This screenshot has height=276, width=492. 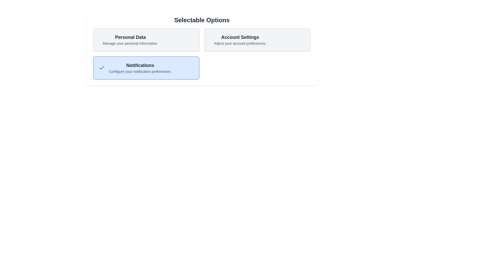 What do you see at coordinates (140, 68) in the screenshot?
I see `the 'Notifications' text block that features a bold headline and smaller subtext, located within a card with rounded corners and a blue background` at bounding box center [140, 68].